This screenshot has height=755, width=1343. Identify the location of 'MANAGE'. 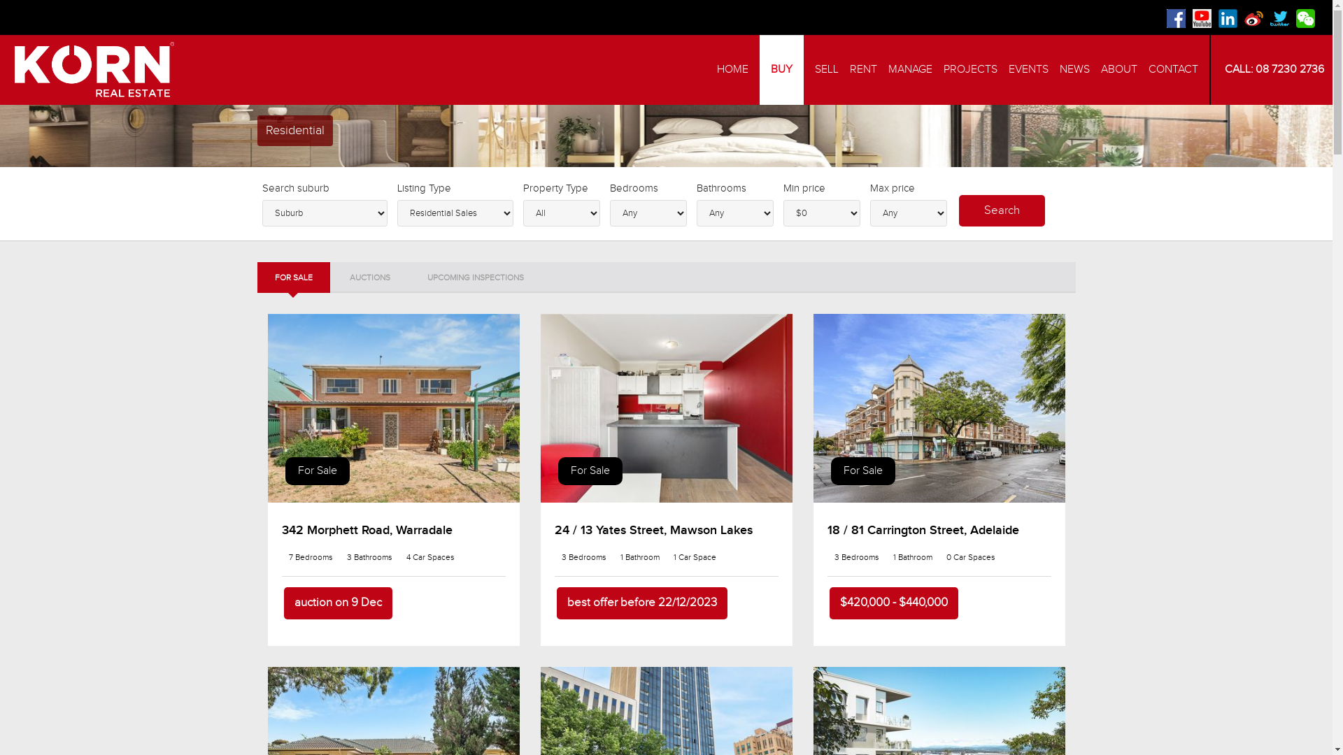
(910, 70).